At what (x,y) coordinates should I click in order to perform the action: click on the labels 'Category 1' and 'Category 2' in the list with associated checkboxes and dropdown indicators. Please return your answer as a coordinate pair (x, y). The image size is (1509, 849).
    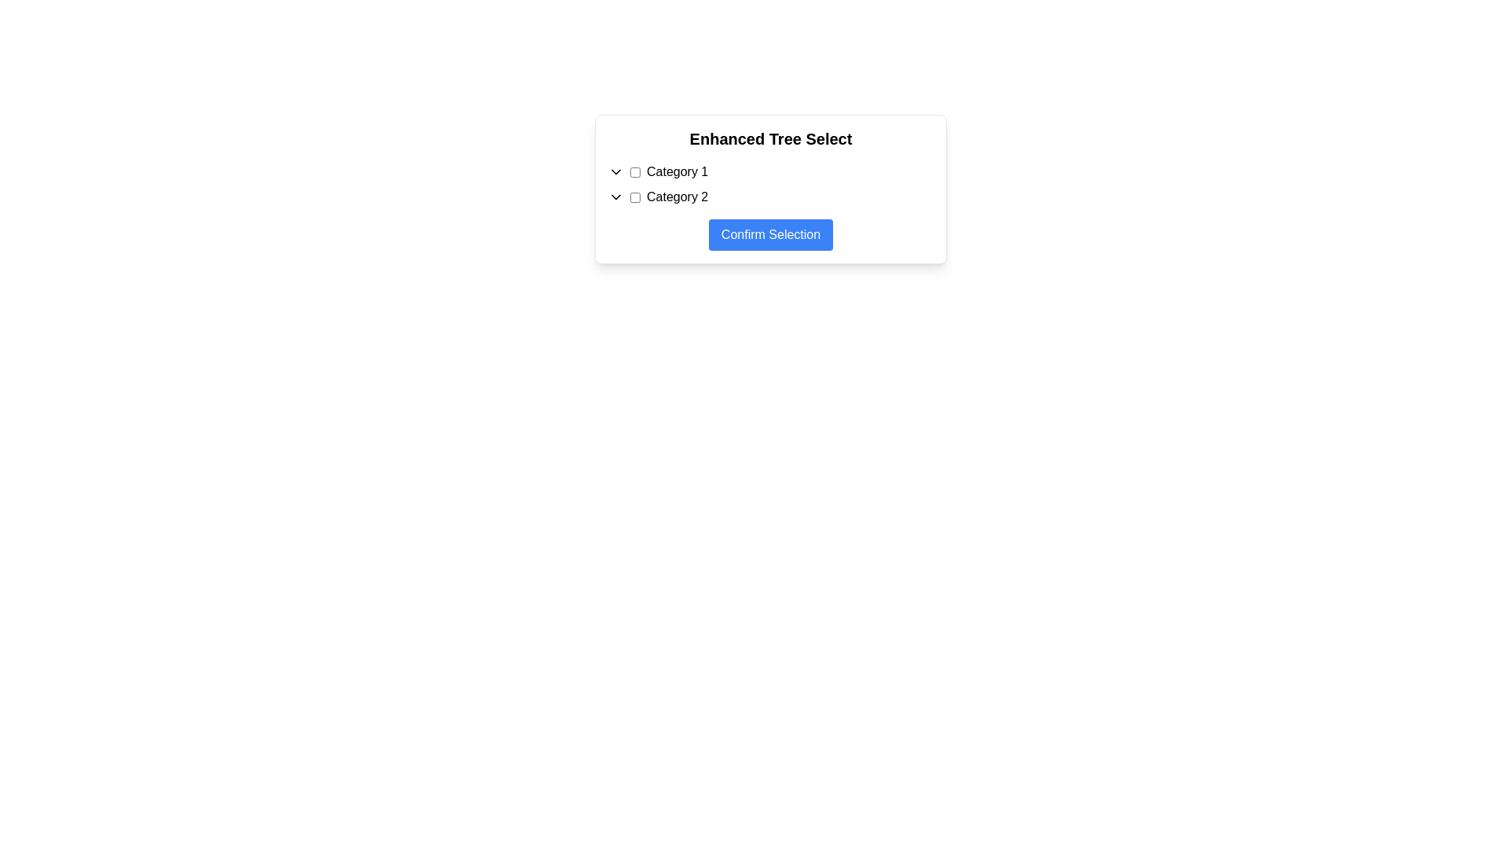
    Looking at the image, I should click on (770, 184).